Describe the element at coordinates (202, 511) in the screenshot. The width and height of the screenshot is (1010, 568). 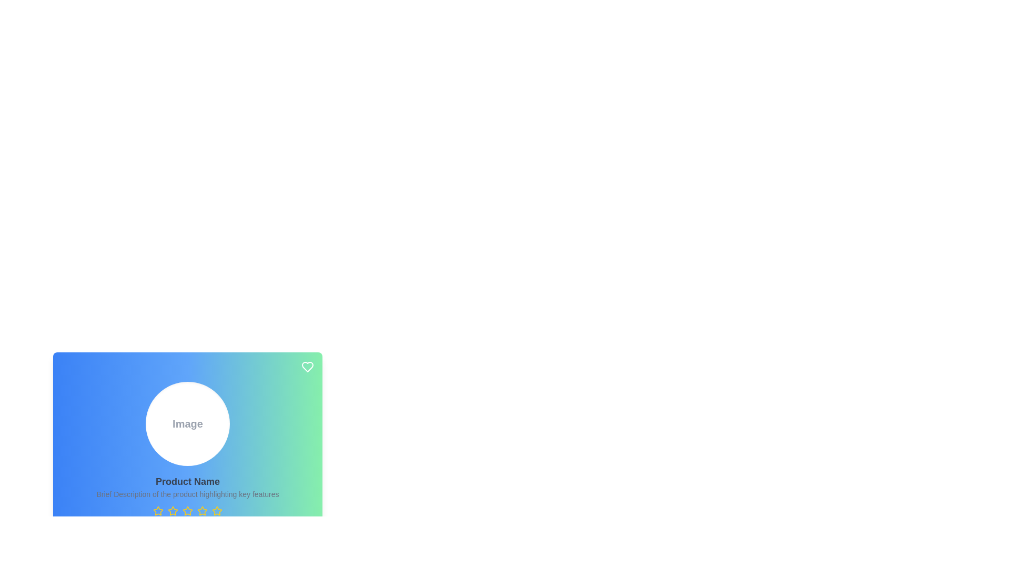
I see `the fifth star icon in the rating system` at that location.